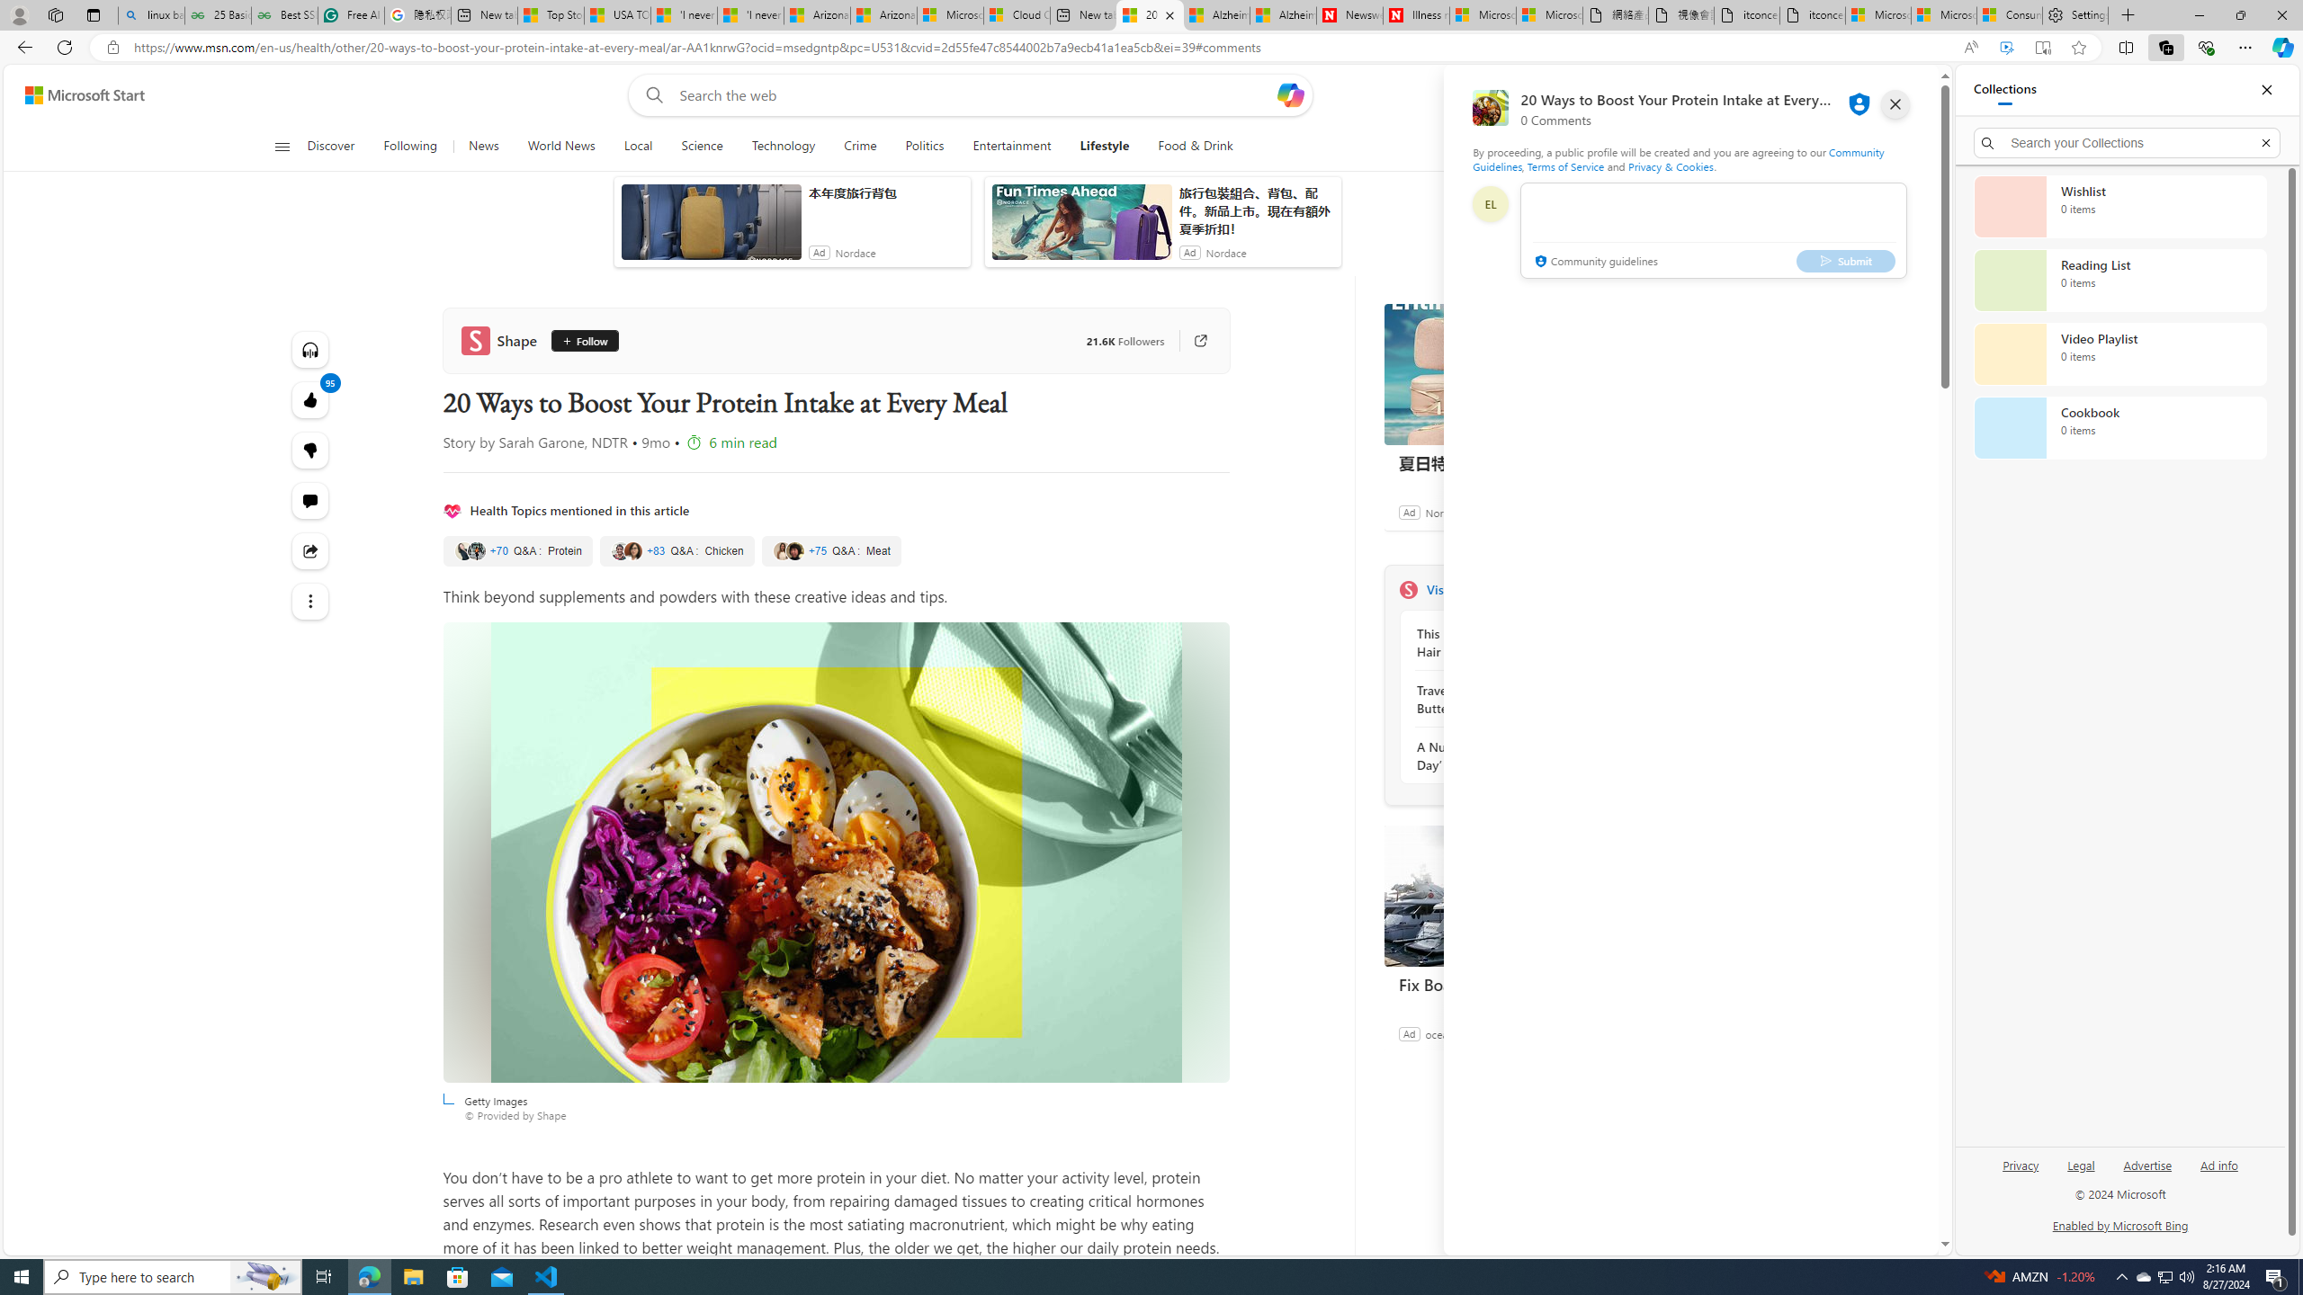  What do you see at coordinates (550, 14) in the screenshot?
I see `'Top Stories - MSN'` at bounding box center [550, 14].